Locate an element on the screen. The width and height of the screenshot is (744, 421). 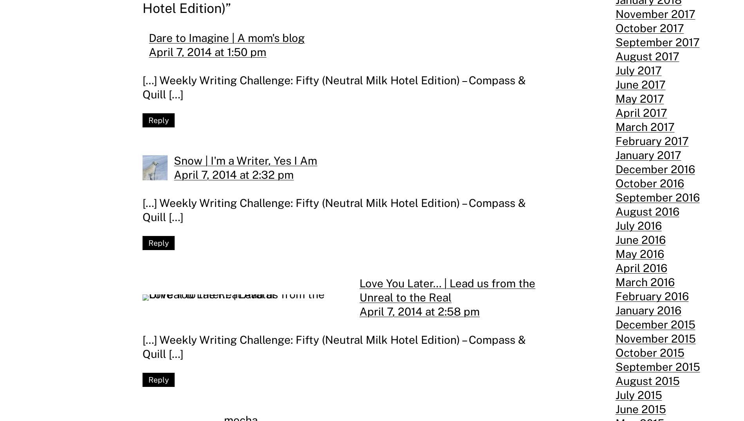
'March 2017' is located at coordinates (645, 126).